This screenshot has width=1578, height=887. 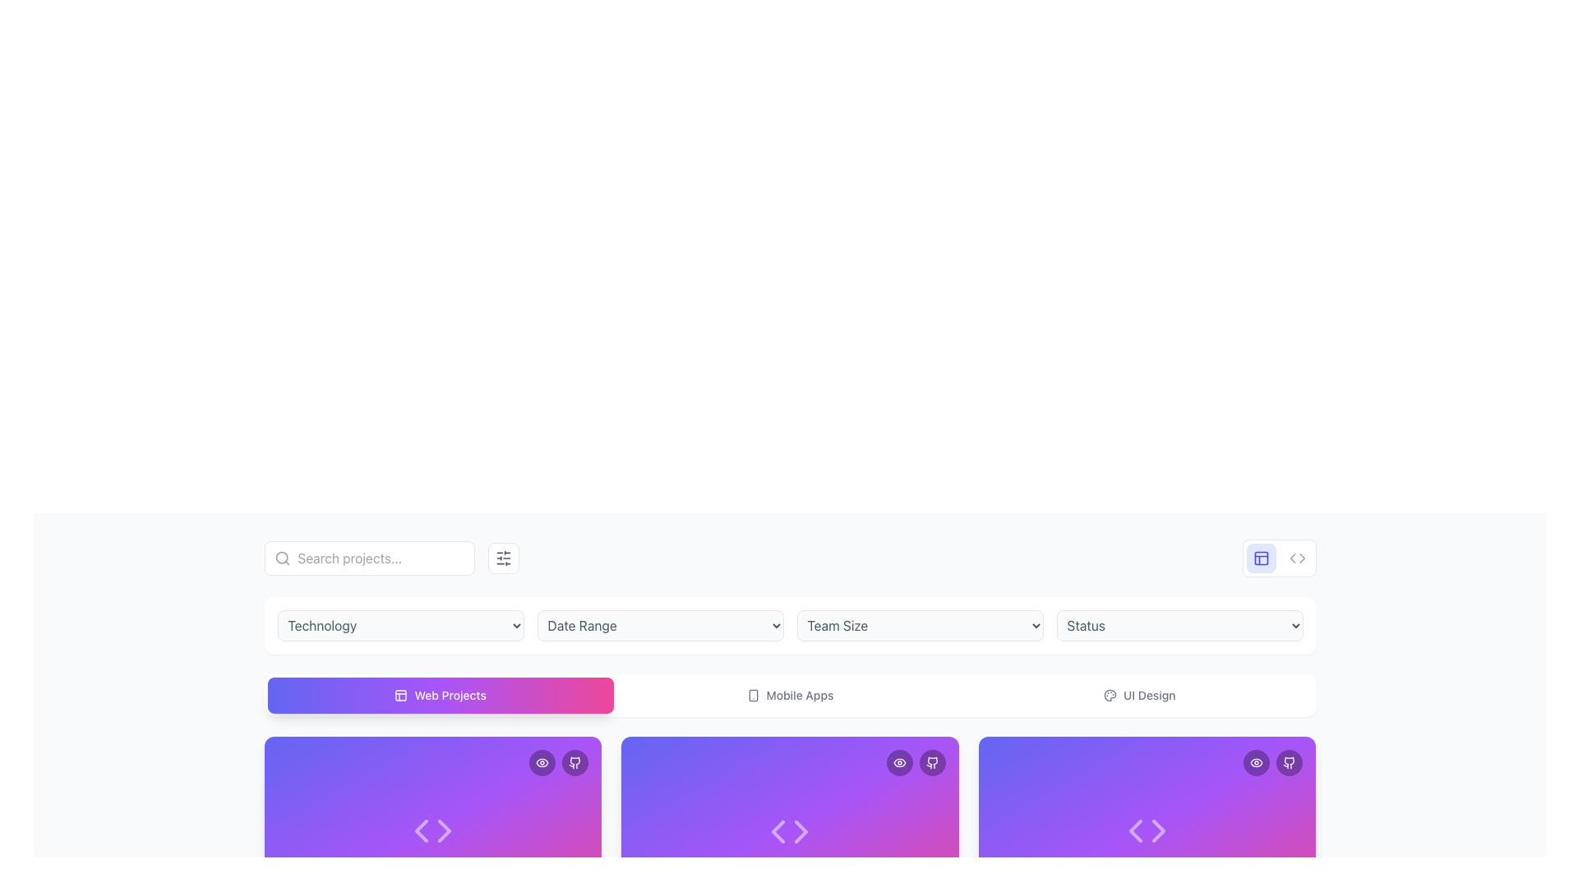 I want to click on the GitHub icon located at the top-right section of the card-like UI component, so click(x=931, y=763).